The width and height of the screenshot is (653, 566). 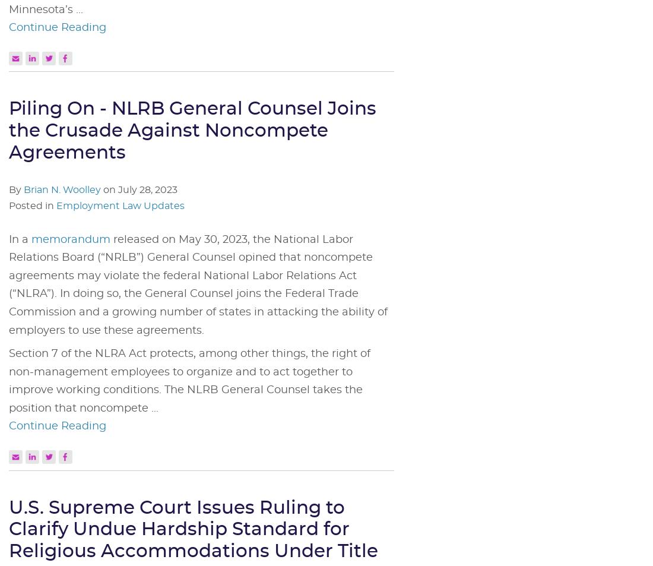 What do you see at coordinates (32, 205) in the screenshot?
I see `'Posted in'` at bounding box center [32, 205].